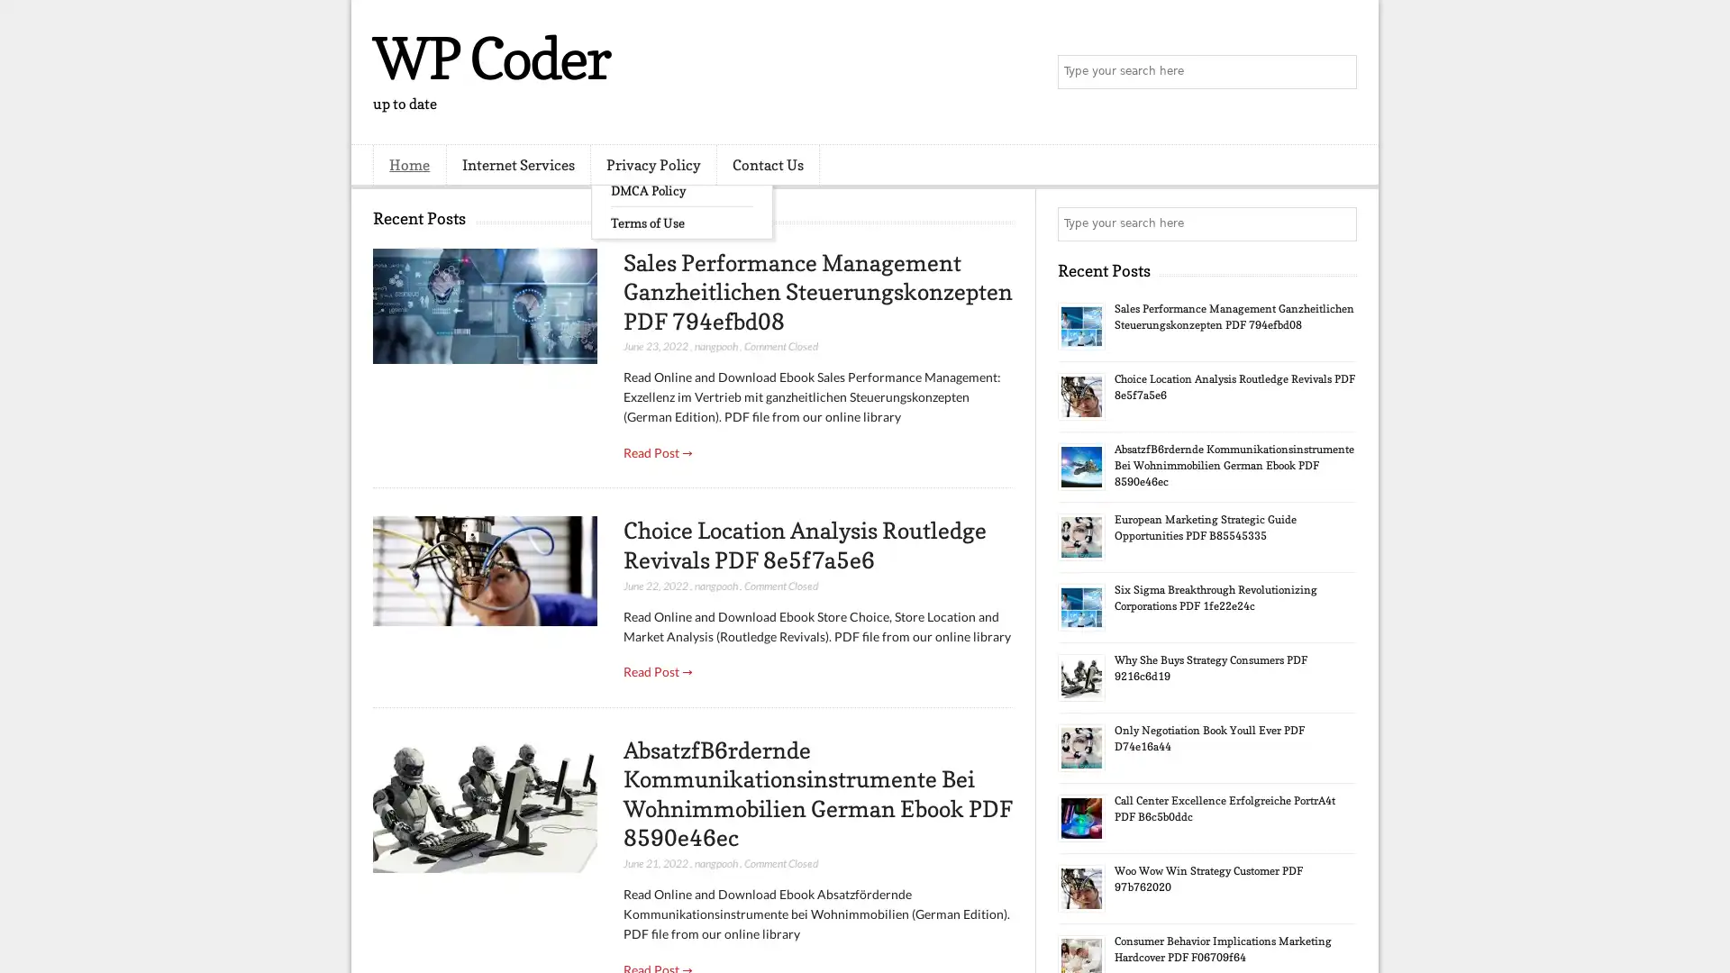  Describe the element at coordinates (1338, 223) in the screenshot. I see `Search` at that location.